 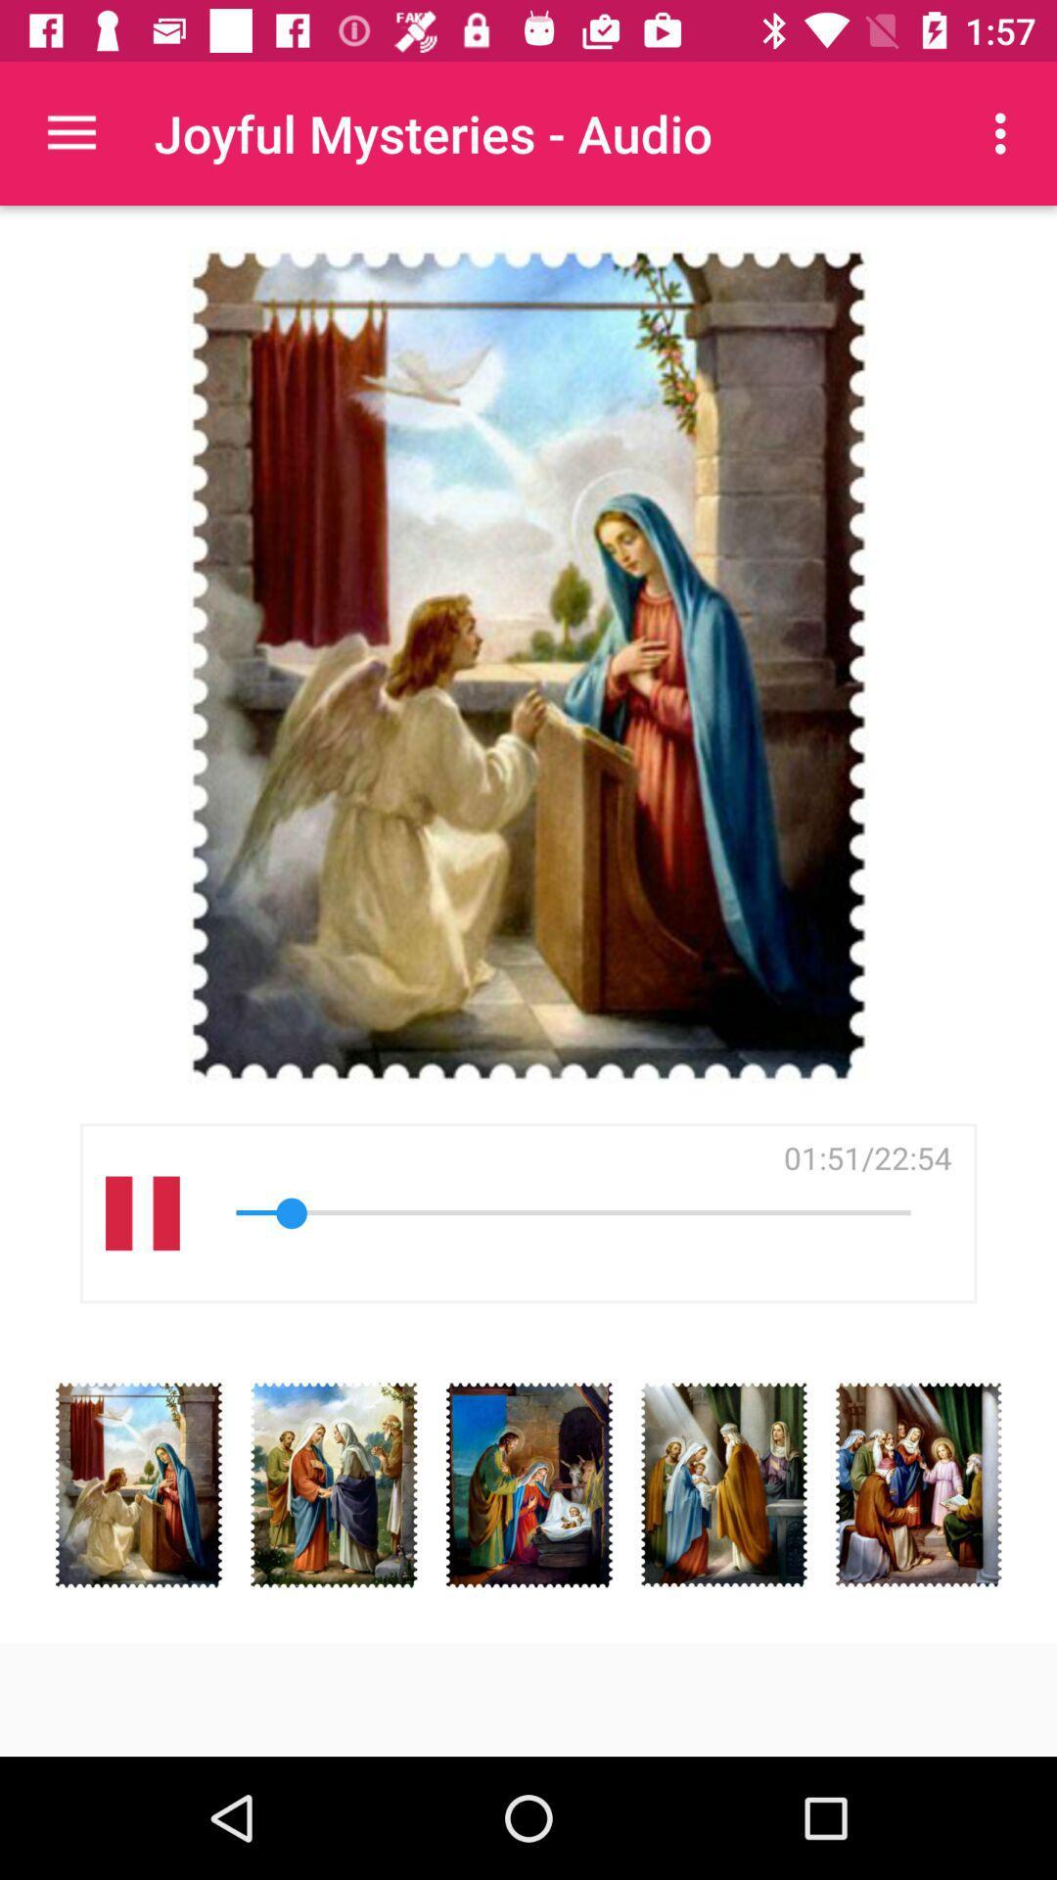 What do you see at coordinates (1005, 132) in the screenshot?
I see `item at the top right corner` at bounding box center [1005, 132].